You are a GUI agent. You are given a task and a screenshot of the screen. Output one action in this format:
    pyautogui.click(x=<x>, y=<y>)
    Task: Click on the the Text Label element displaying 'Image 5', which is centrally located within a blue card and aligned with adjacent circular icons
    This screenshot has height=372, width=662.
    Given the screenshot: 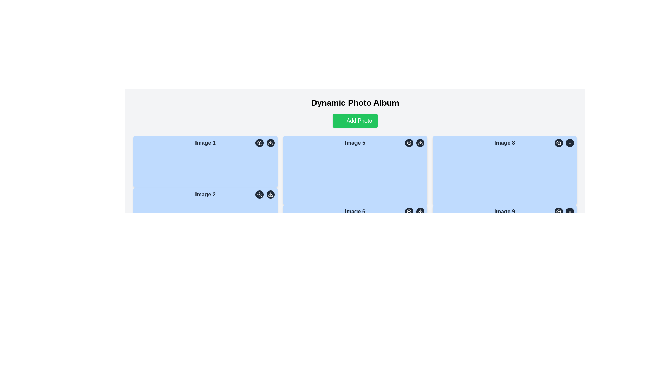 What is the action you would take?
    pyautogui.click(x=355, y=143)
    